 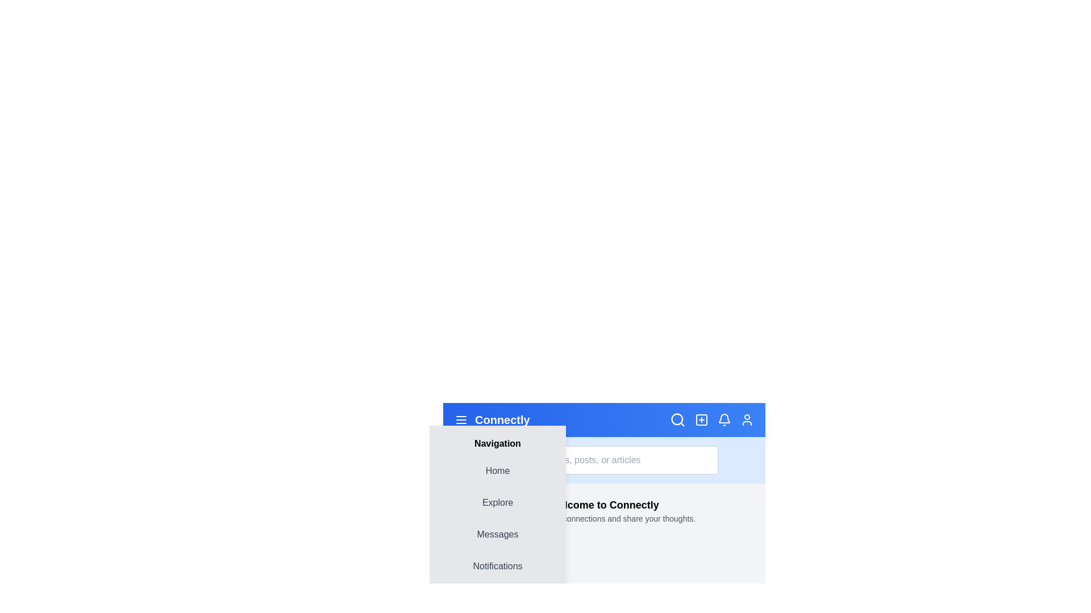 I want to click on the navigation menu item Messages, so click(x=497, y=534).